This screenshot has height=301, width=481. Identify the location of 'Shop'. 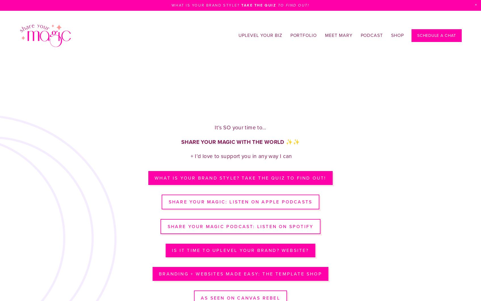
(397, 35).